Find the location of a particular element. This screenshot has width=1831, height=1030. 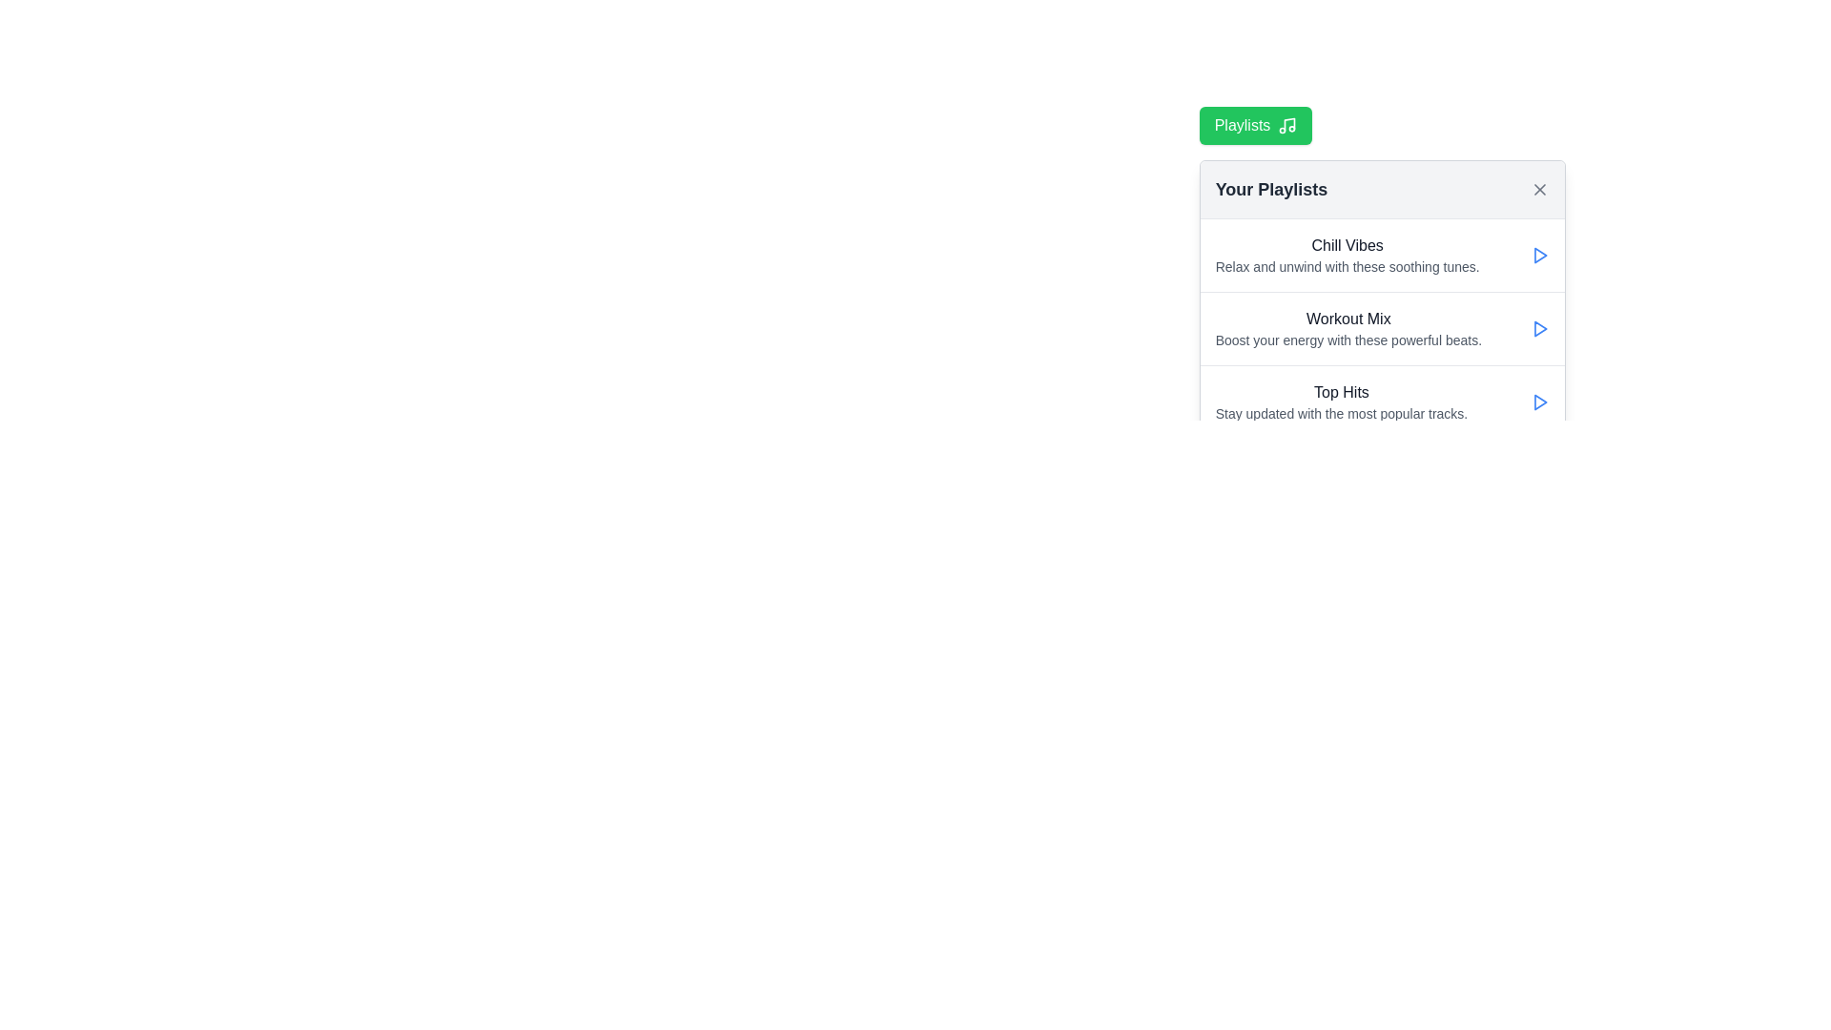

the 'Chill Vibes' text label, which serves as the title of the first playlist in the 'Your Playlists' section is located at coordinates (1347, 245).